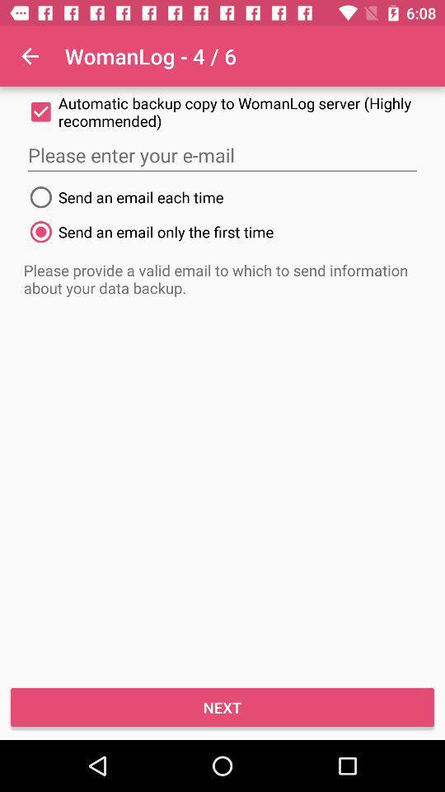 Image resolution: width=445 pixels, height=792 pixels. I want to click on the icon below the please provide a, so click(222, 706).